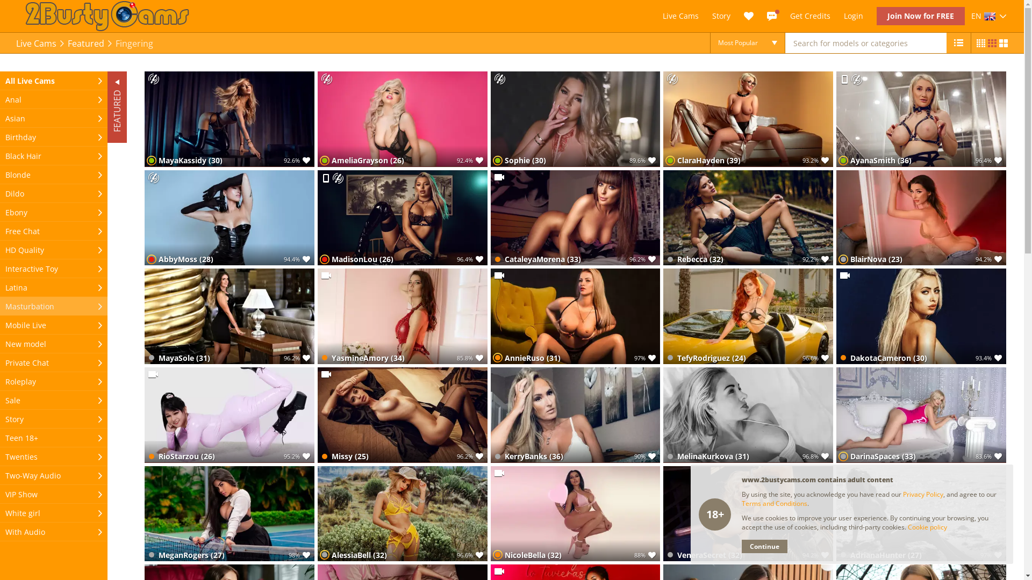 Image resolution: width=1032 pixels, height=580 pixels. I want to click on 'Login', so click(843, 16).